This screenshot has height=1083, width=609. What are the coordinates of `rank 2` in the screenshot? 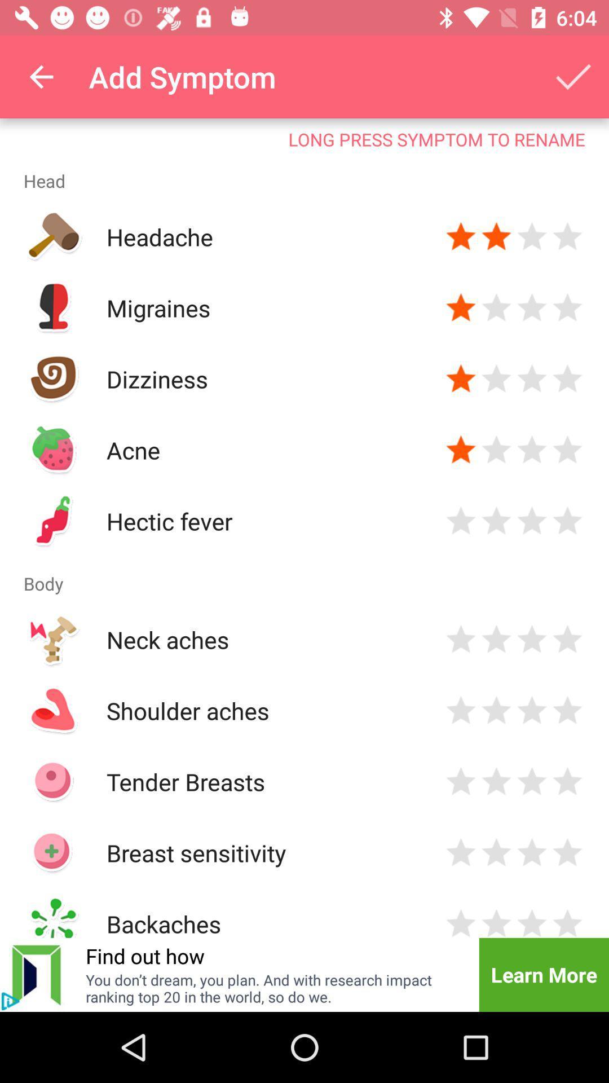 It's located at (496, 853).